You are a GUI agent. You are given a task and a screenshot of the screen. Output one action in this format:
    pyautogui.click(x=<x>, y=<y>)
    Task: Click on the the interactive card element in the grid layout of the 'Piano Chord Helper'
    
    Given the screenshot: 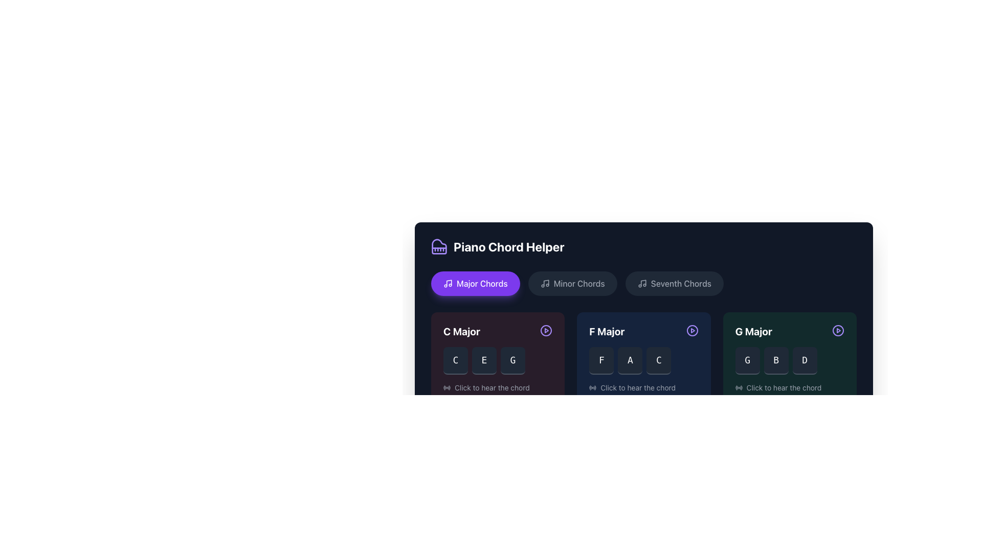 What is the action you would take?
    pyautogui.click(x=643, y=358)
    